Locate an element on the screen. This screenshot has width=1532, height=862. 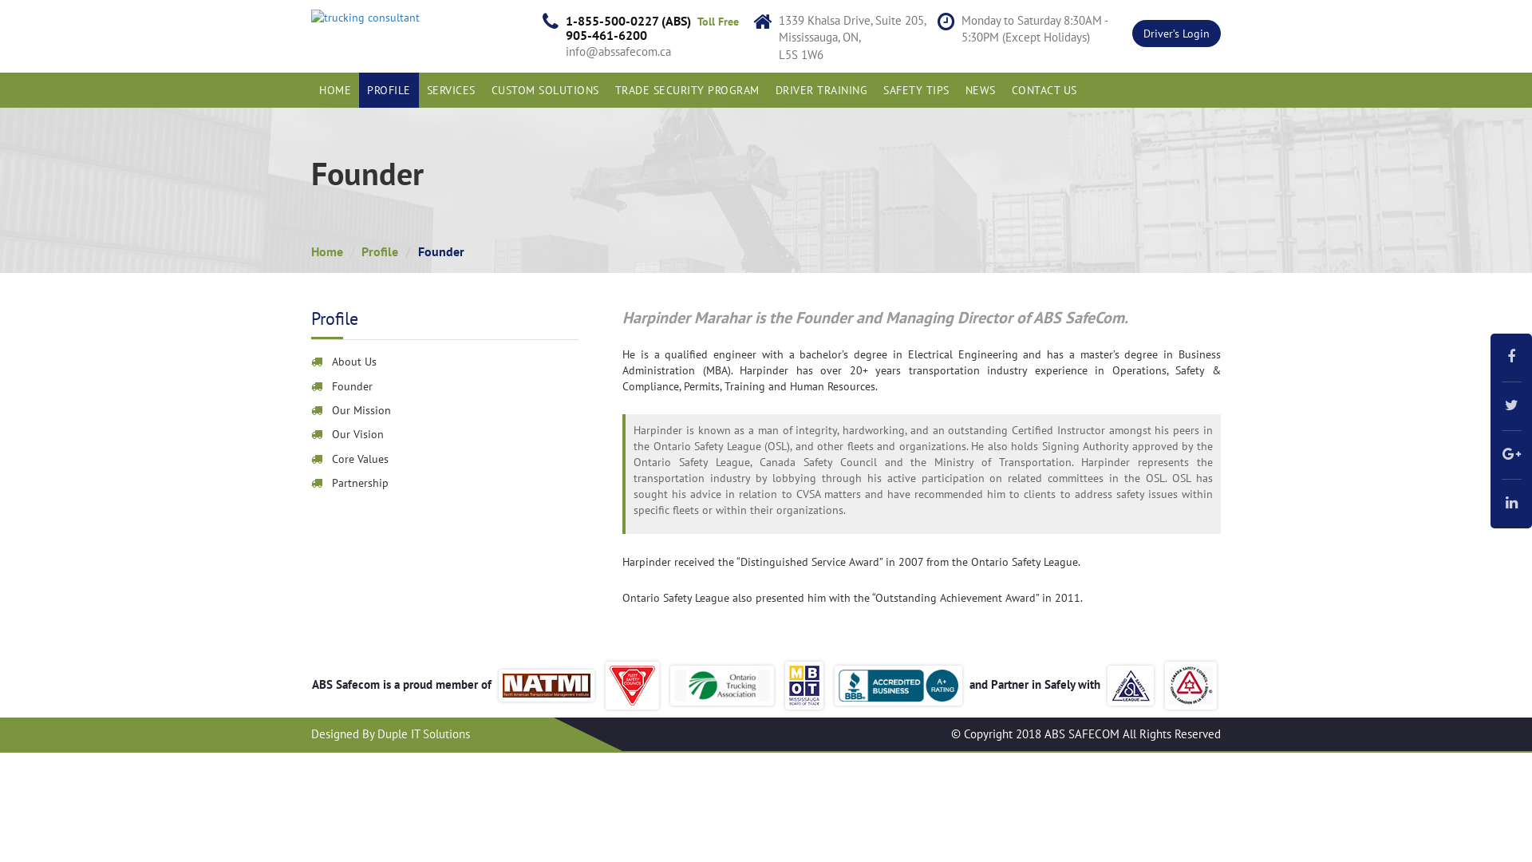
'DRIVER TRAINING' is located at coordinates (767, 89).